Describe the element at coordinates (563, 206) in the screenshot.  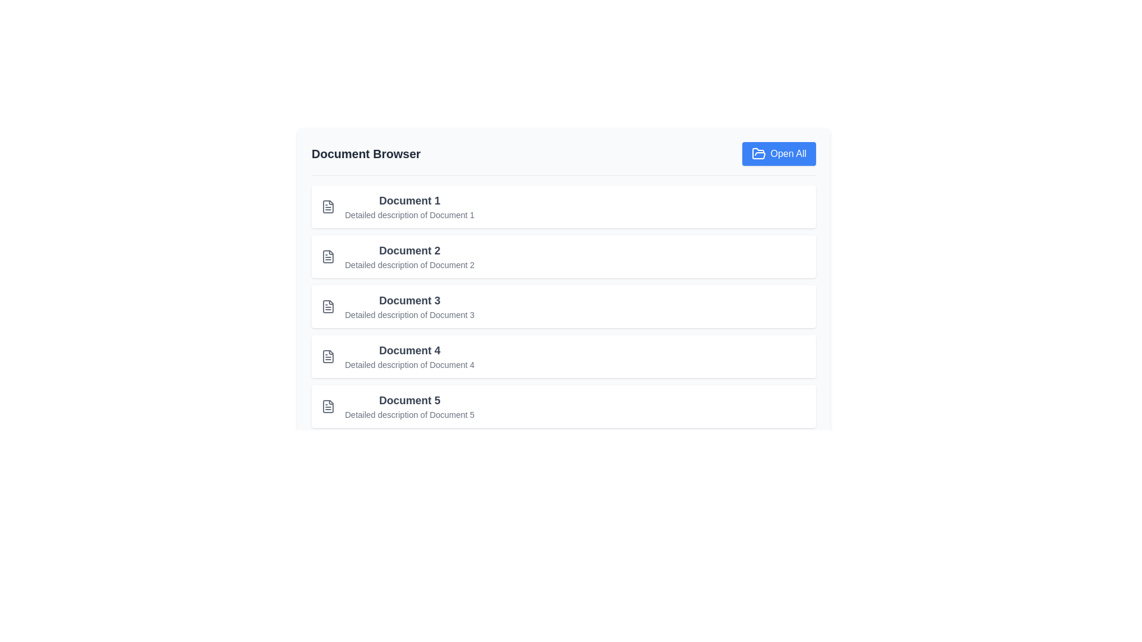
I see `the first Card listing in the Document Browser by moving the cursor to its center point` at that location.